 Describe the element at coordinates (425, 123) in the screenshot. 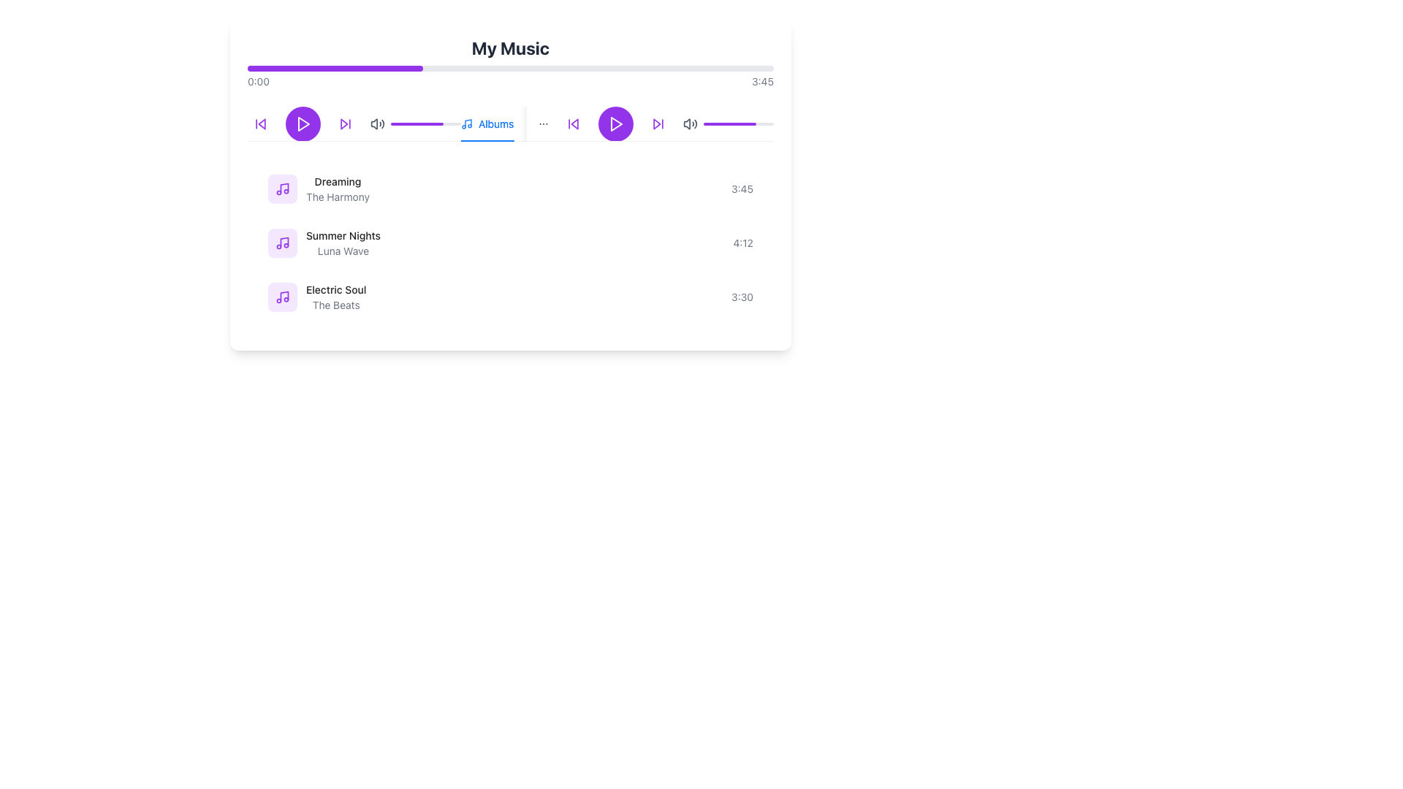

I see `the progress indicator, which is a horizontal progress bar with a gray background and a purple foreground, located near the top middle of the interface below the volume control icon` at that location.